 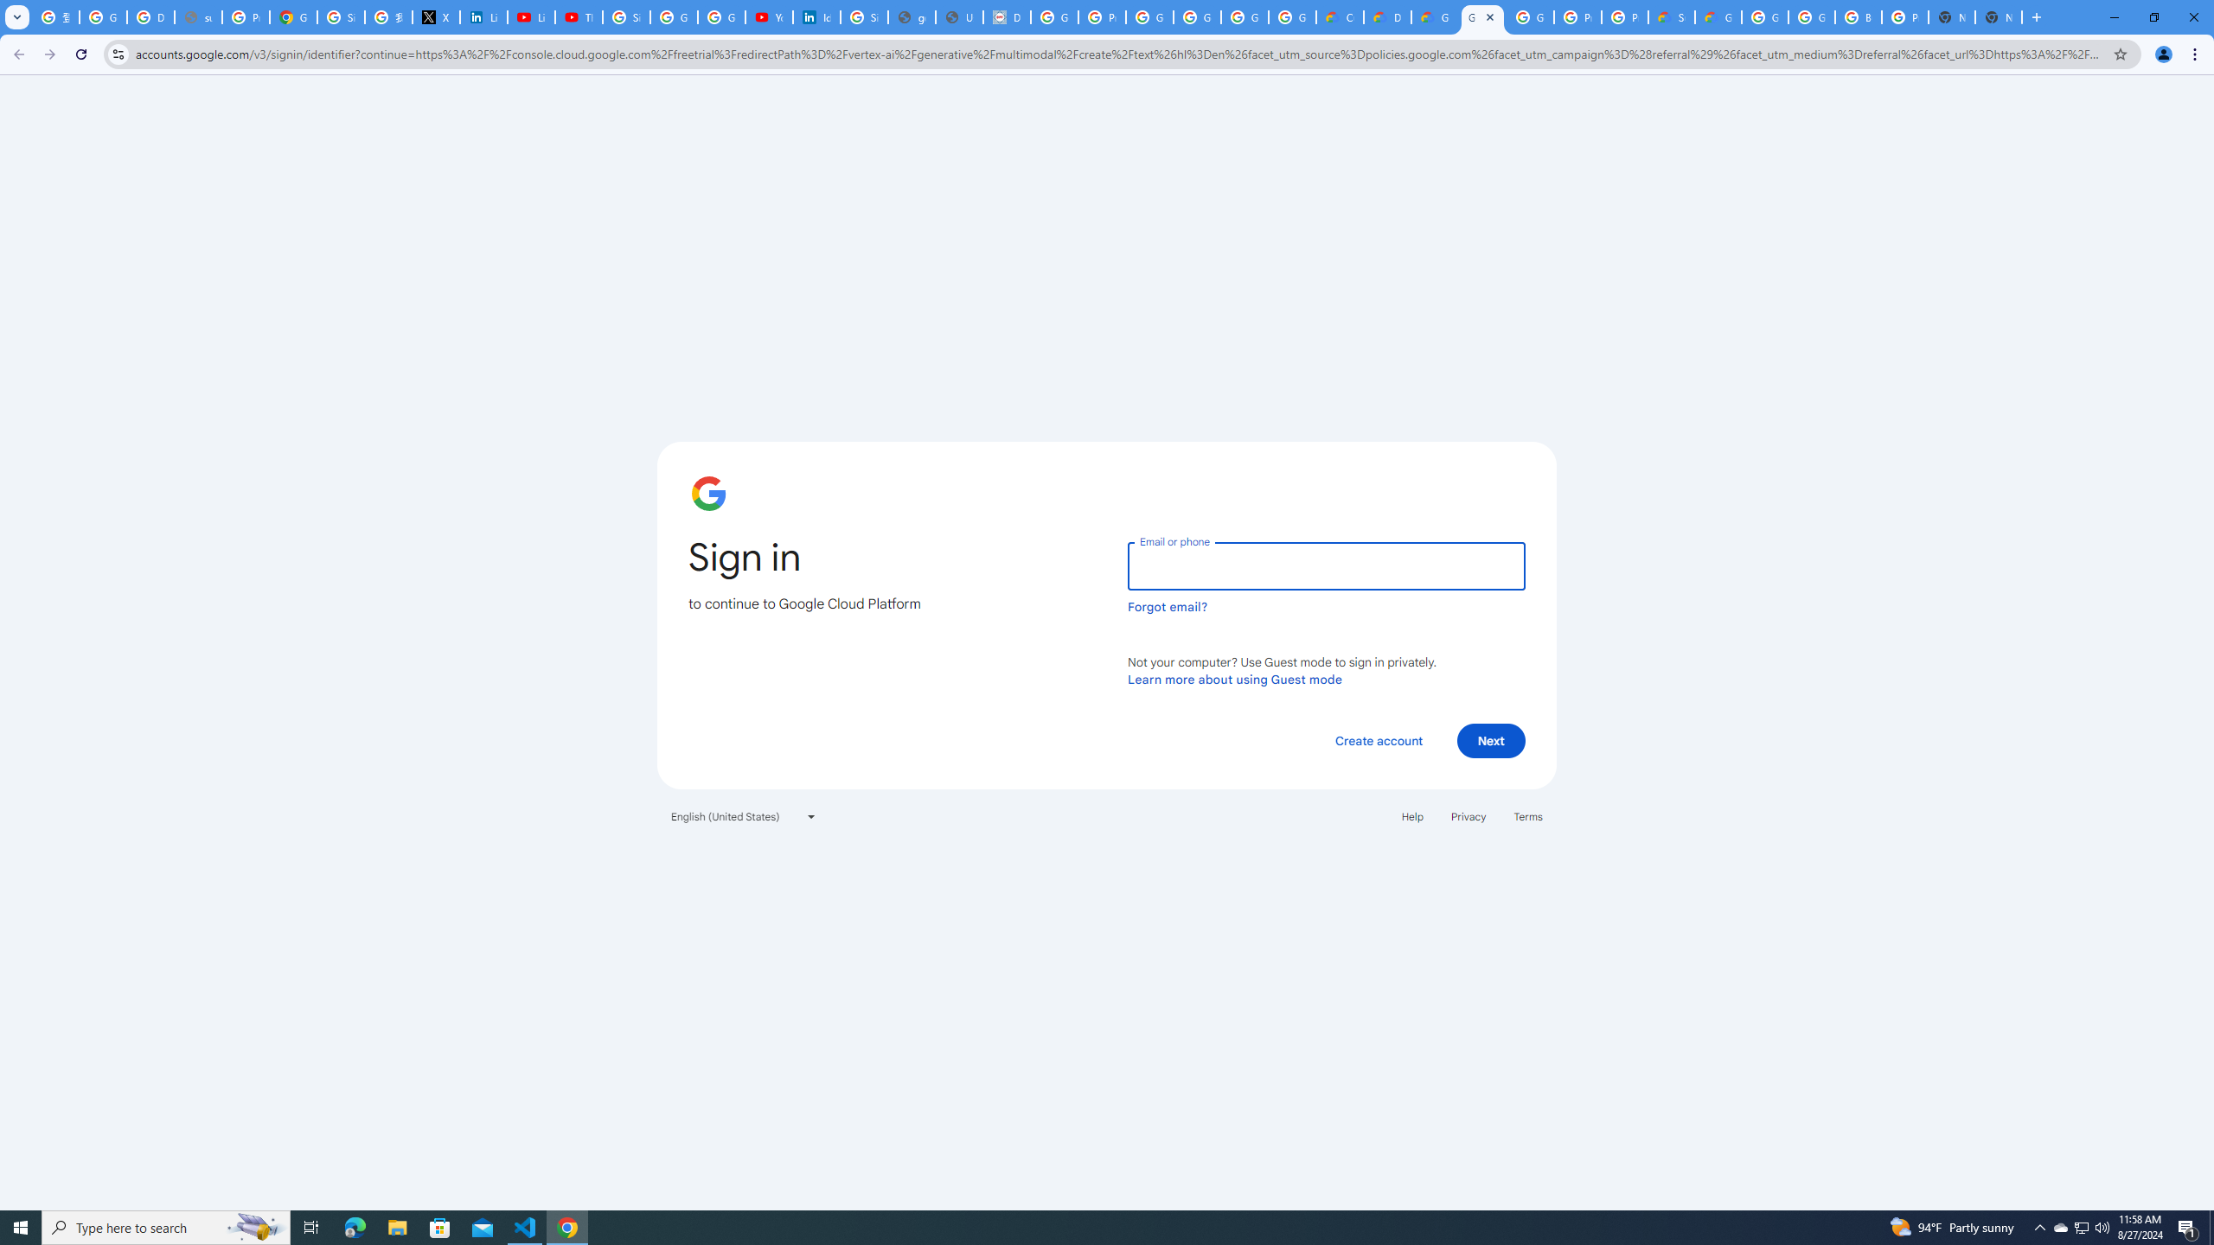 I want to click on 'Create account', so click(x=1378, y=739).